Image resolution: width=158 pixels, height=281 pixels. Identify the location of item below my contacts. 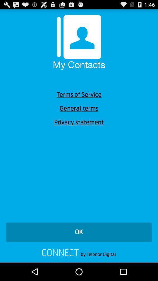
(79, 95).